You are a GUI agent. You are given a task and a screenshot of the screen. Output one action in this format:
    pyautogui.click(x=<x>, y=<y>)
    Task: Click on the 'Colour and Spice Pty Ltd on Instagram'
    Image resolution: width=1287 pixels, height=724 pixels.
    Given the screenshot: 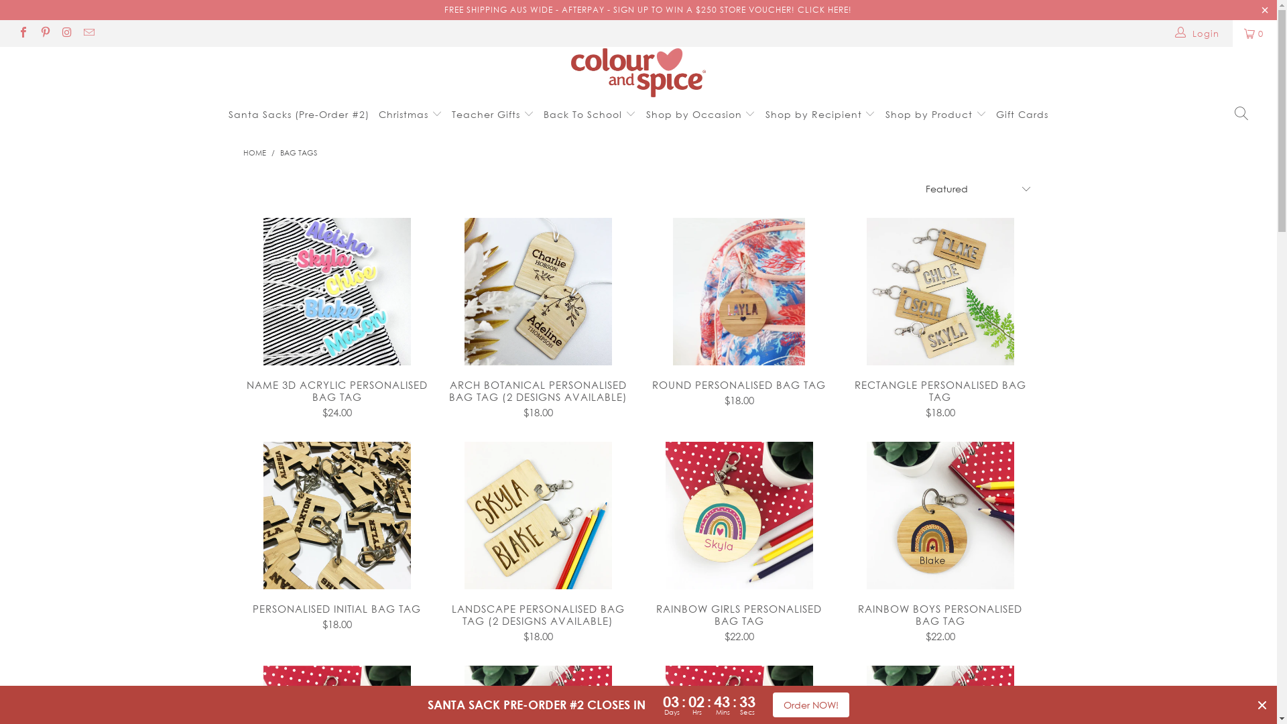 What is the action you would take?
    pyautogui.click(x=66, y=33)
    